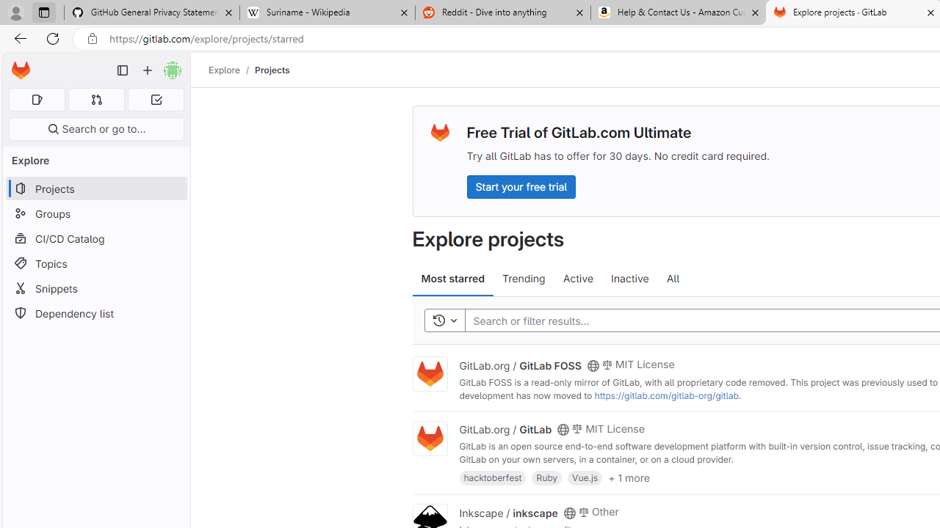  I want to click on 'Groups', so click(95, 213).